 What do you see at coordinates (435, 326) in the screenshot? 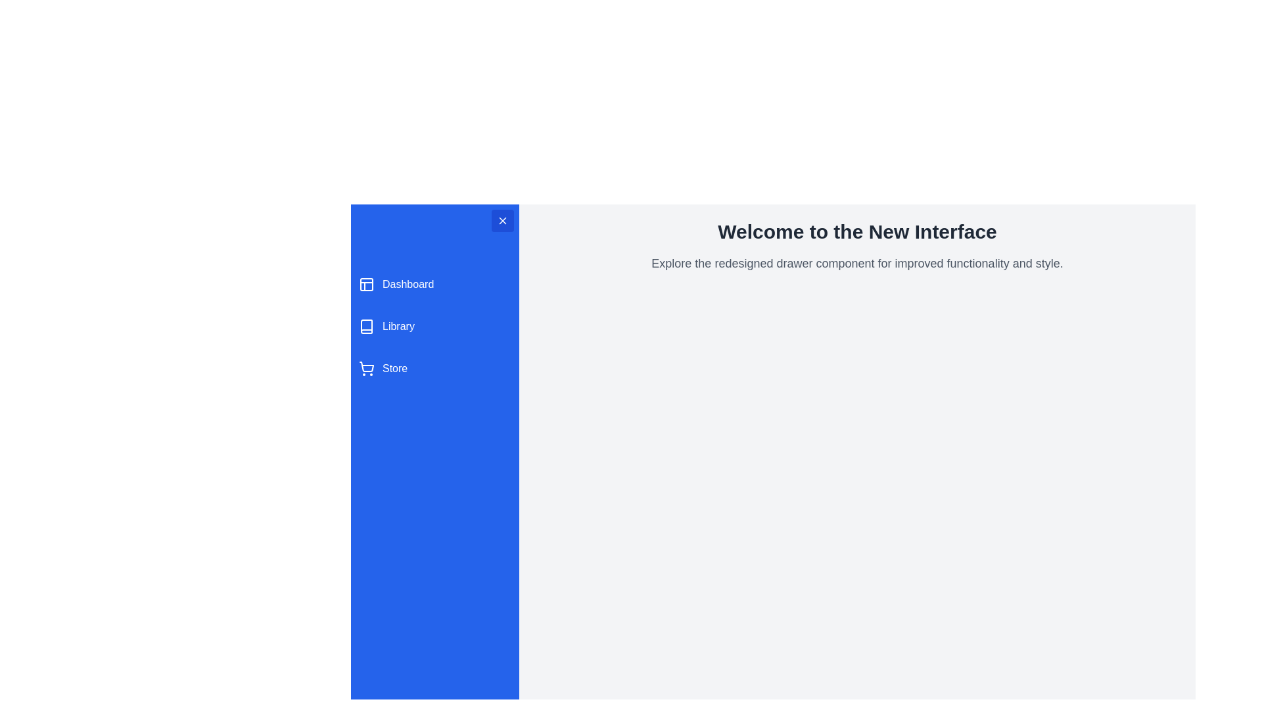
I see `the 'Library' button in the vertical navigation menu` at bounding box center [435, 326].